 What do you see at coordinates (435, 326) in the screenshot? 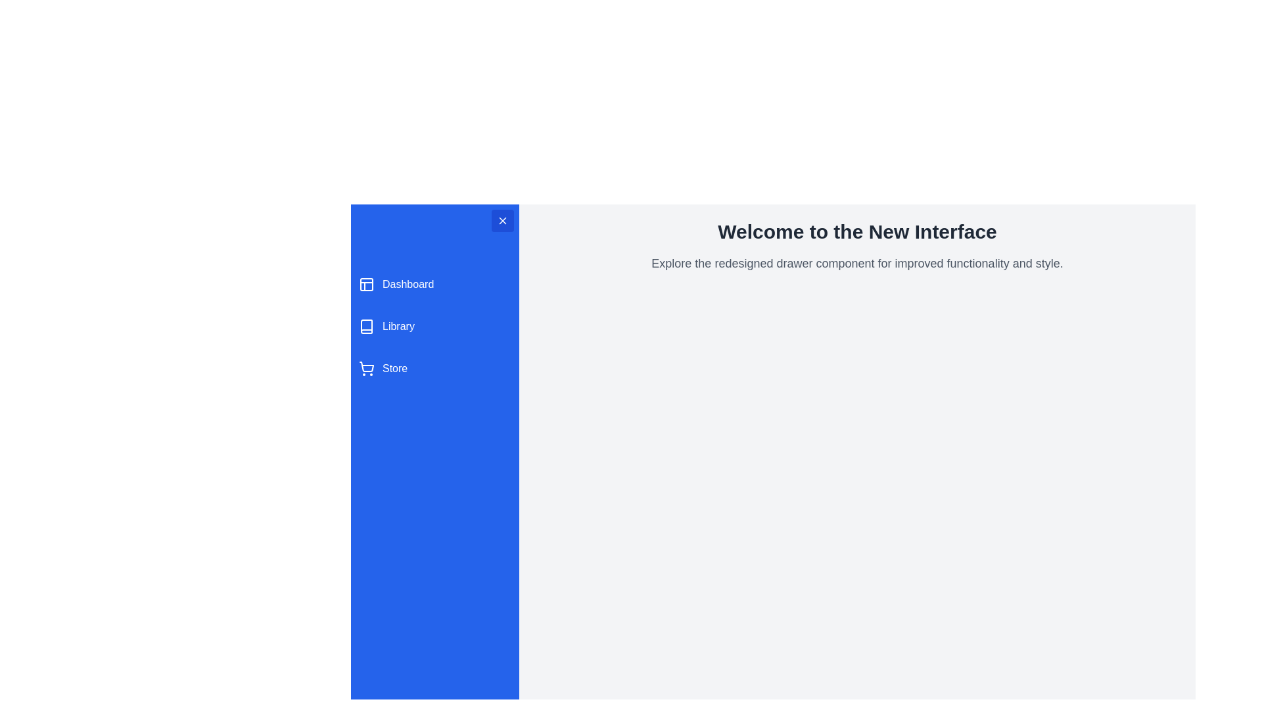
I see `the 'Library' button in the vertical navigation menu` at bounding box center [435, 326].